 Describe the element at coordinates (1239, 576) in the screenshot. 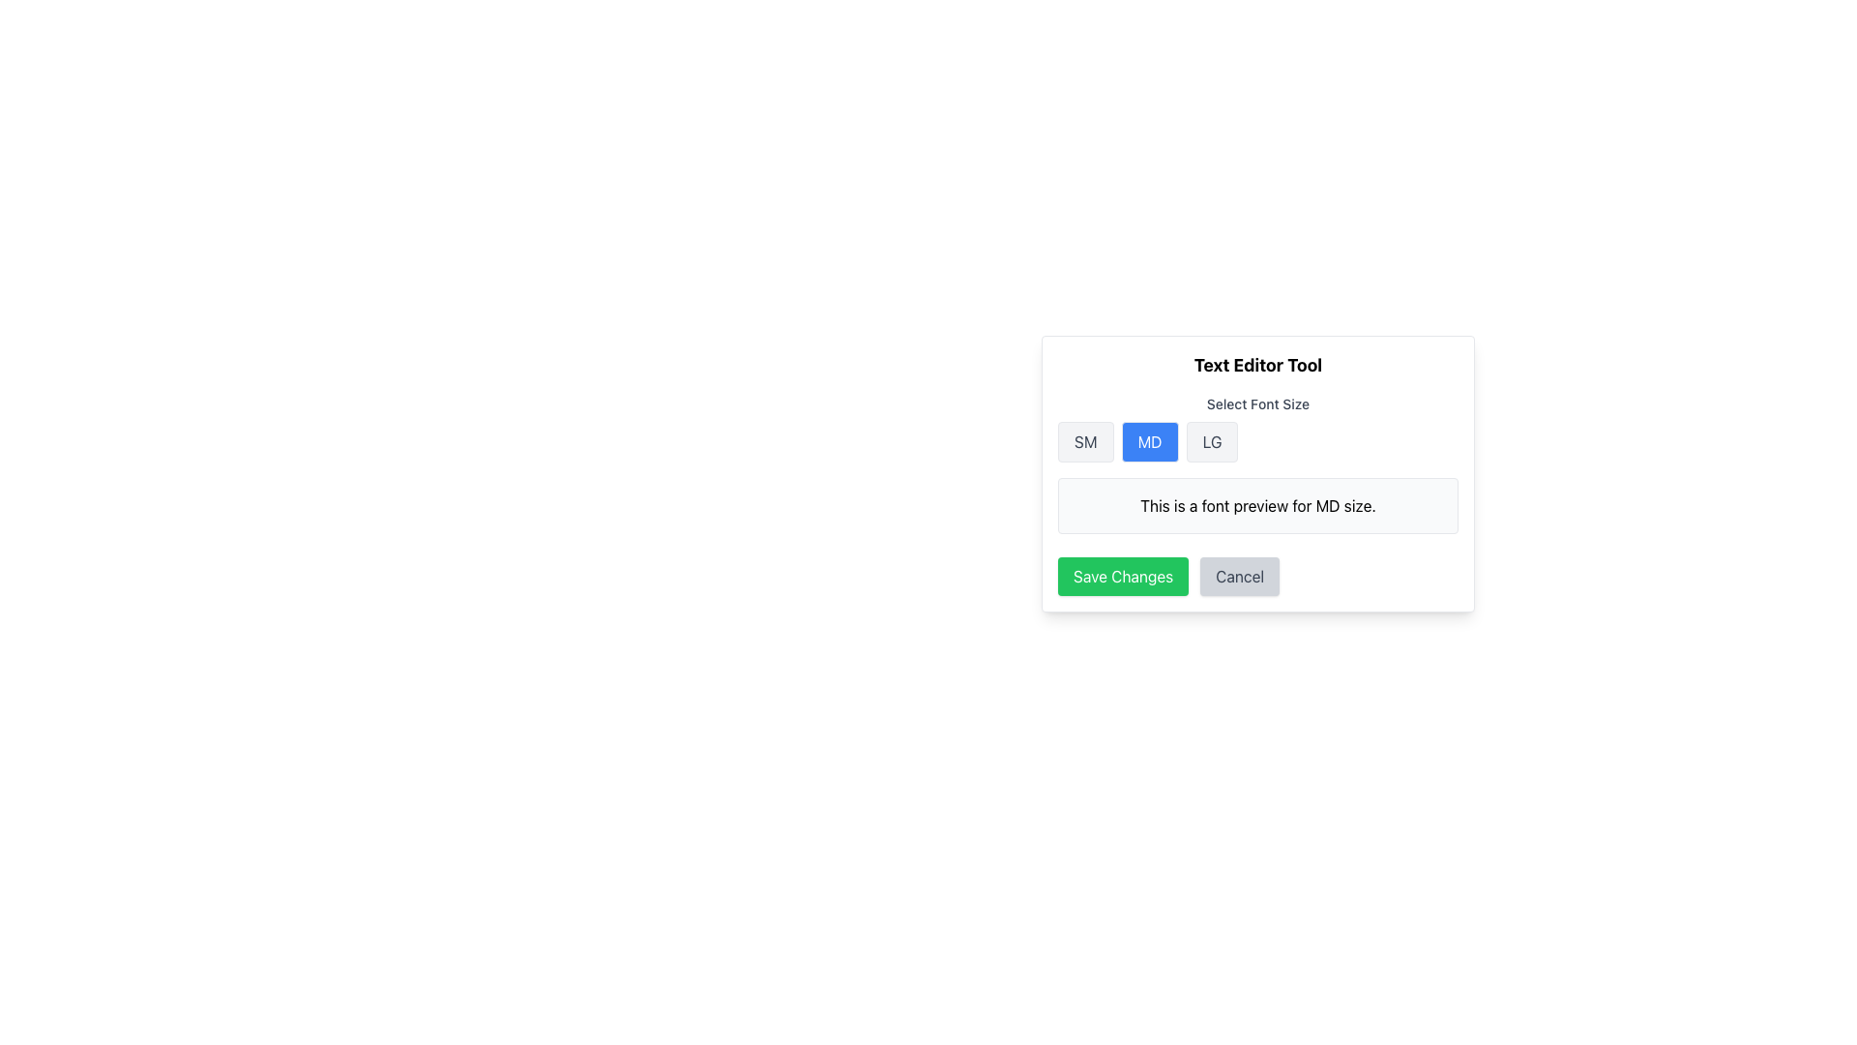

I see `the gray 'Cancel' button with rounded edges located below the text input area, which is the rightmost button in a horizontal layout next to the 'Save Changes' button` at that location.